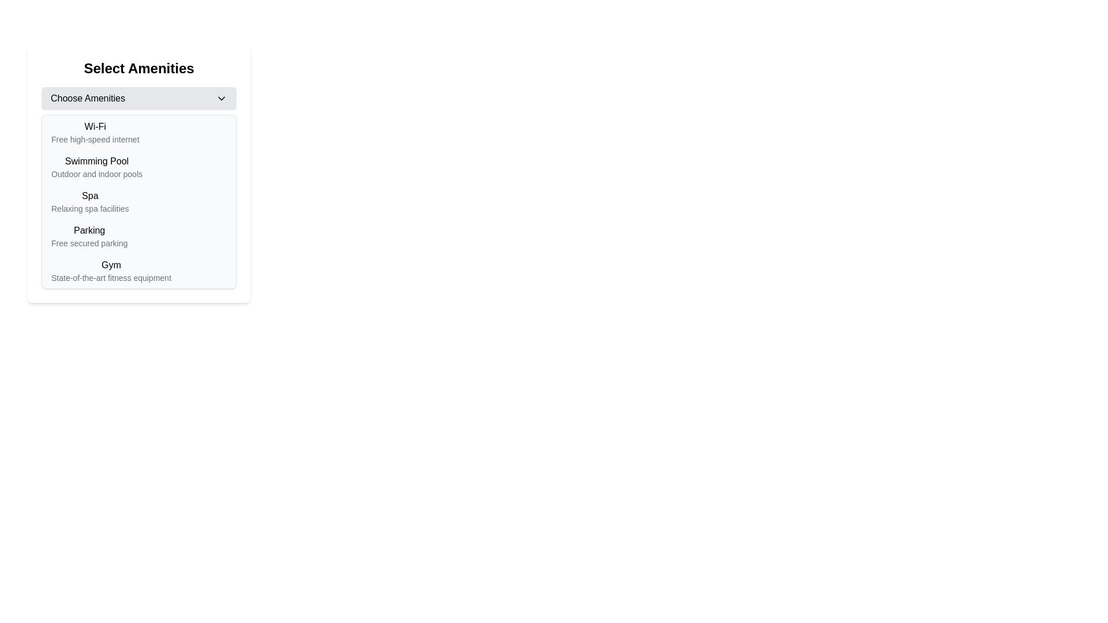  Describe the element at coordinates (97, 162) in the screenshot. I see `the Text Label that serves as a header for the description of amenities, located in the 'Select Amenities' card interface, positioned above the text 'Outdoor and indoor pools'` at that location.